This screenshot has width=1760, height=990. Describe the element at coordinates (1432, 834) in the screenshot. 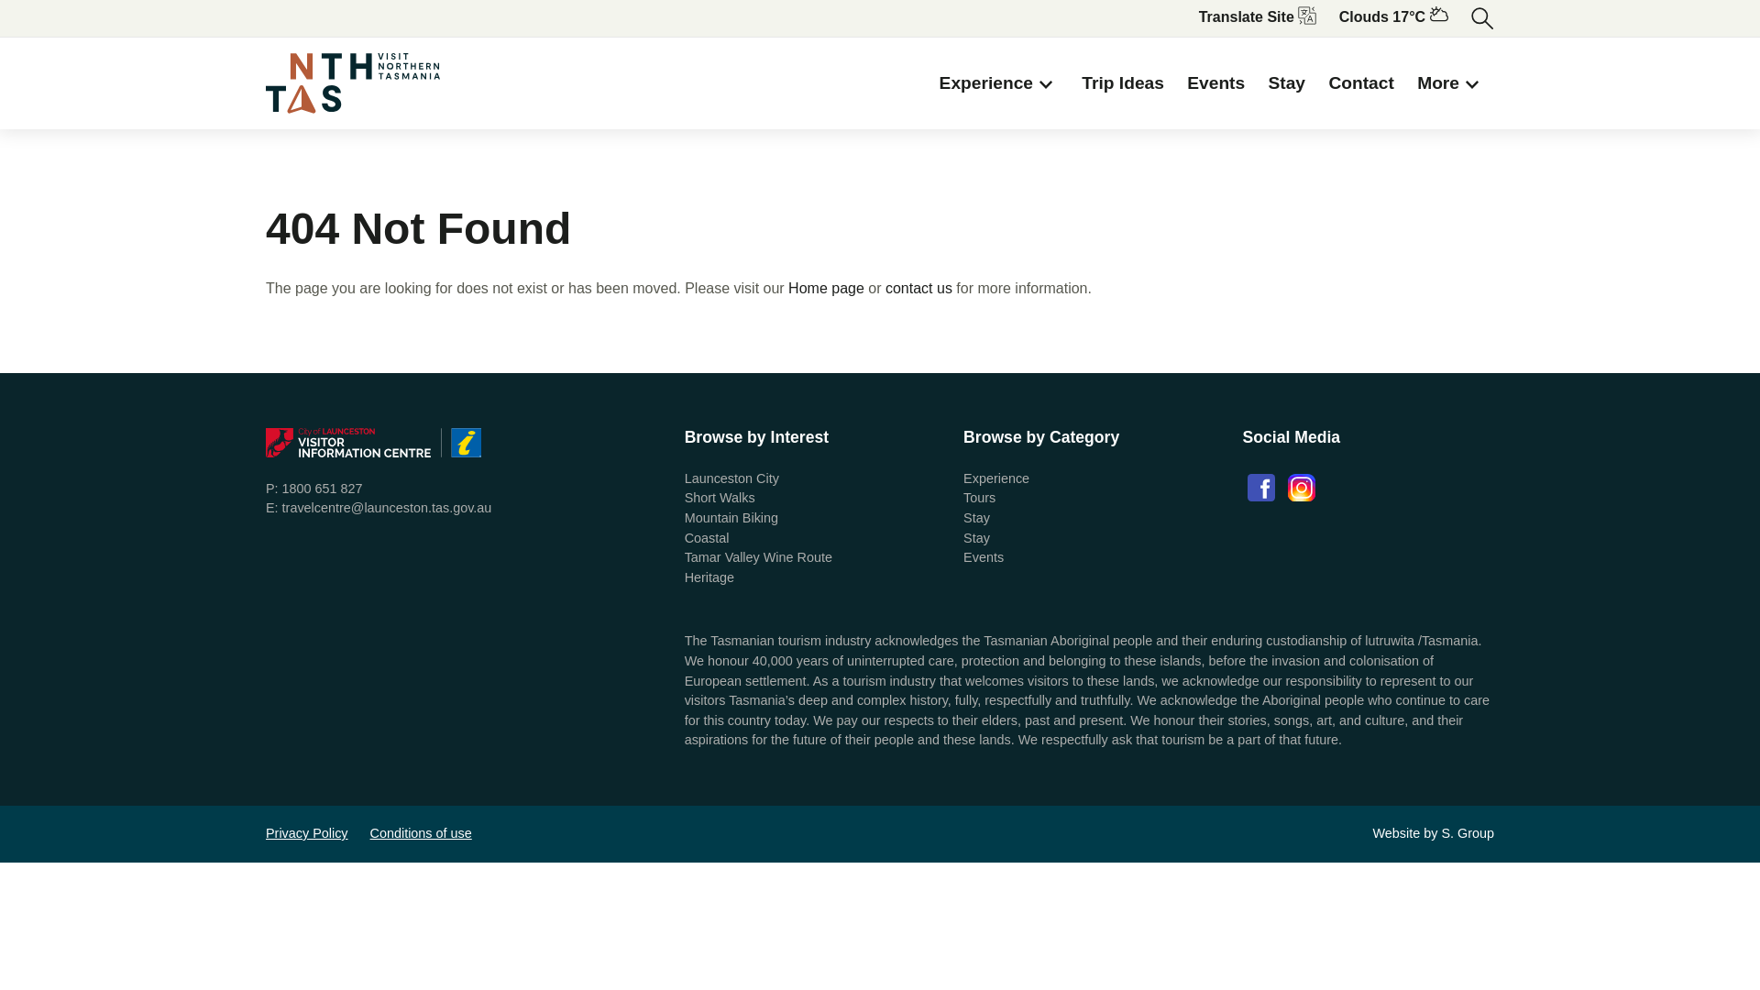

I see `'Website by S. Group'` at that location.